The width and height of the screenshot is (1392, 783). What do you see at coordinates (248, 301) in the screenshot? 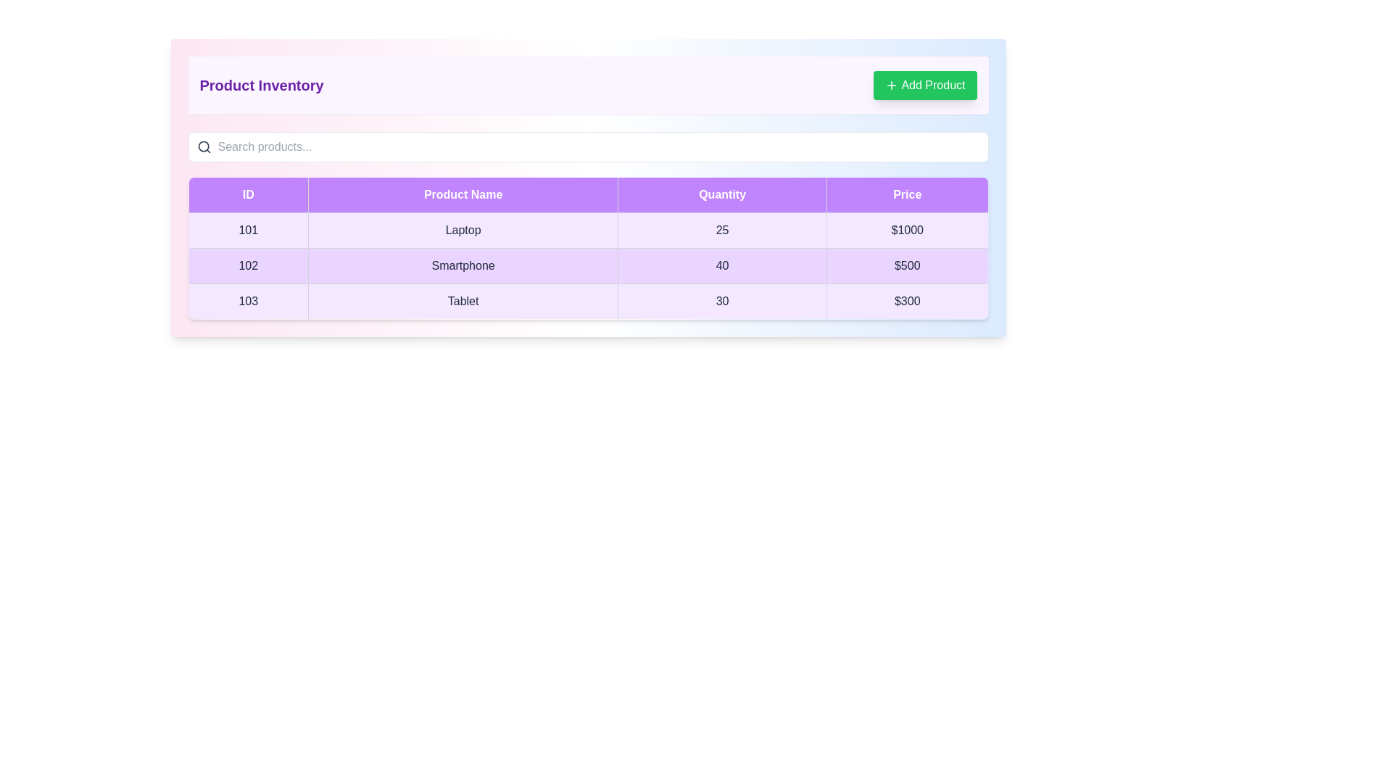
I see `the Text label that serves as a row identifier in the first column of the third row in a four-column table, located directly left of 'Tablet'` at bounding box center [248, 301].